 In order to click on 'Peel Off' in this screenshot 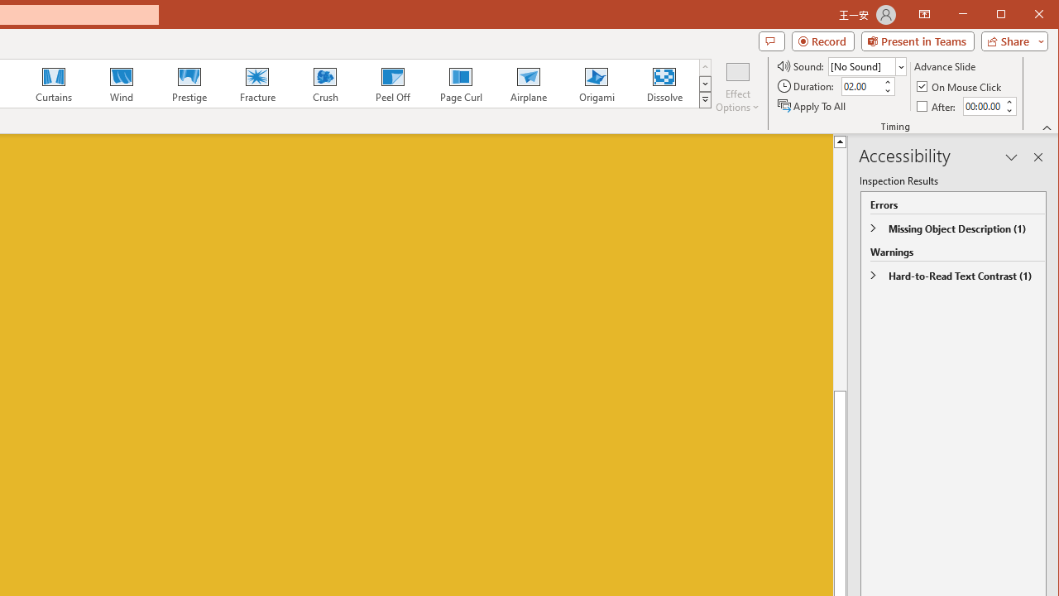, I will do `click(391, 83)`.